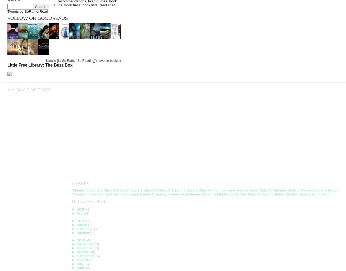 The image size is (346, 271). What do you see at coordinates (160, 190) in the screenshot?
I see `'3.5 Stars'` at bounding box center [160, 190].